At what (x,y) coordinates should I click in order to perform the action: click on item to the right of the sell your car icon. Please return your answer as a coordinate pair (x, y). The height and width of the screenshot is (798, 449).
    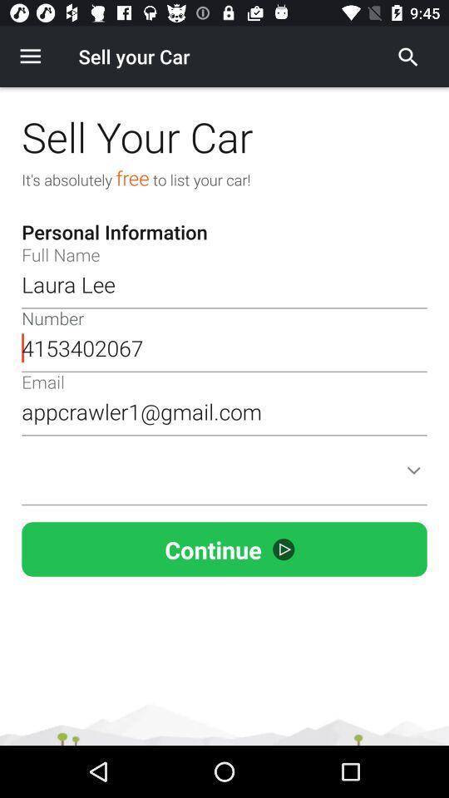
    Looking at the image, I should click on (407, 57).